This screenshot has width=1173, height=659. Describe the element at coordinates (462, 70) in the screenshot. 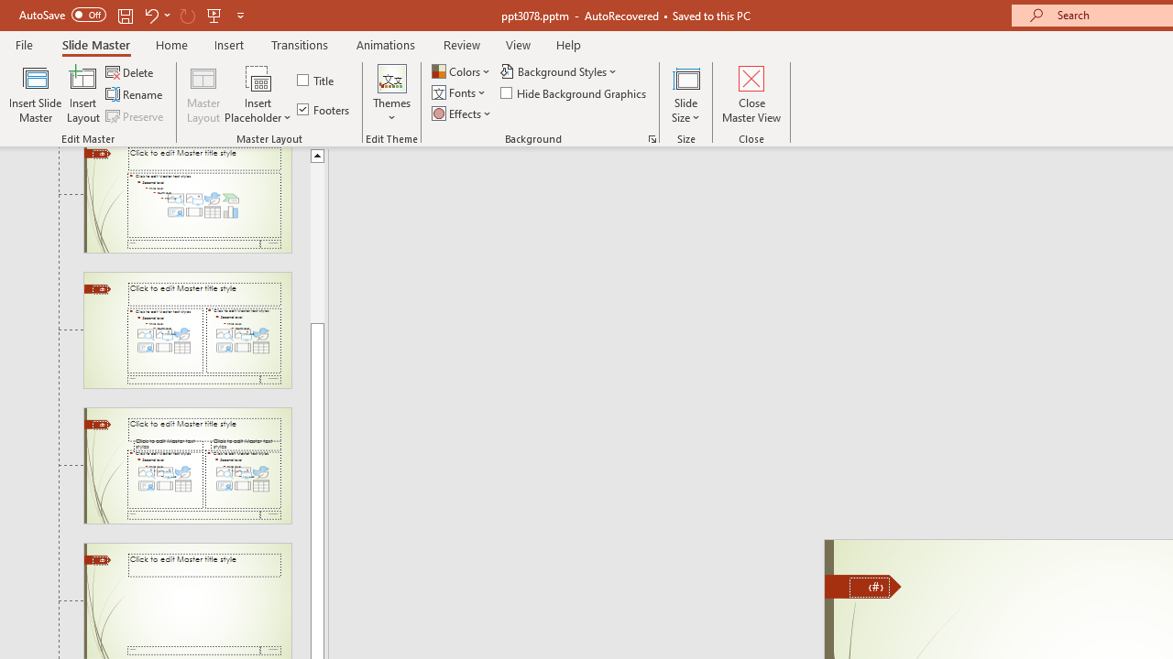

I see `'Colors'` at that location.